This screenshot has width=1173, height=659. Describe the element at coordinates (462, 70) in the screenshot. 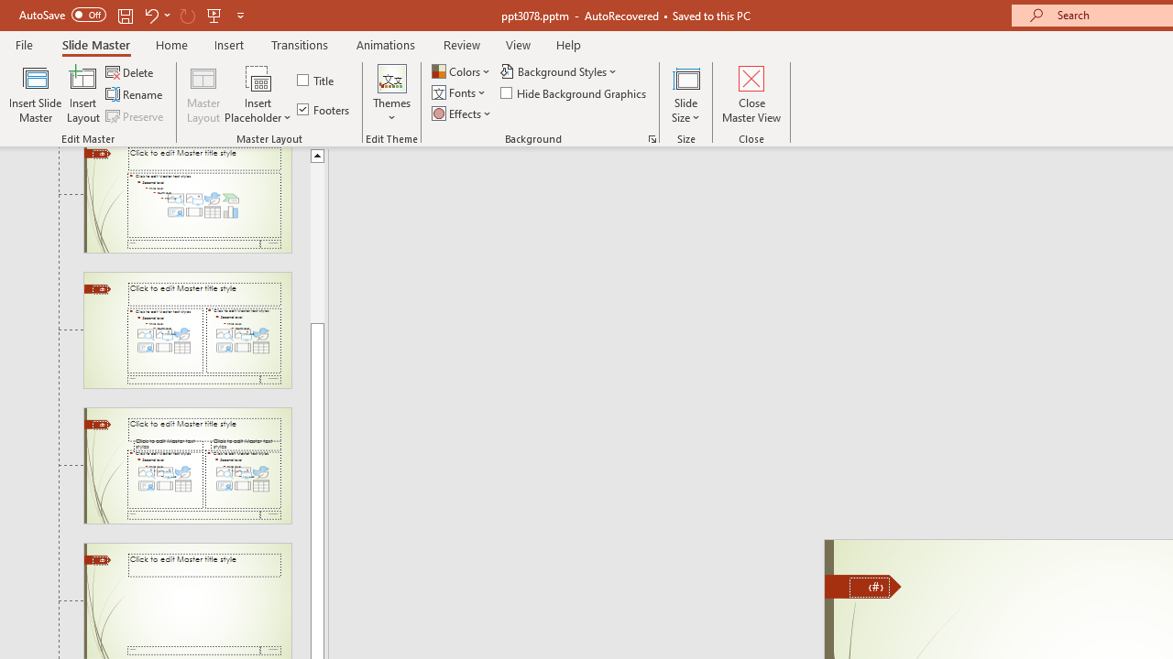

I see `'Colors'` at that location.